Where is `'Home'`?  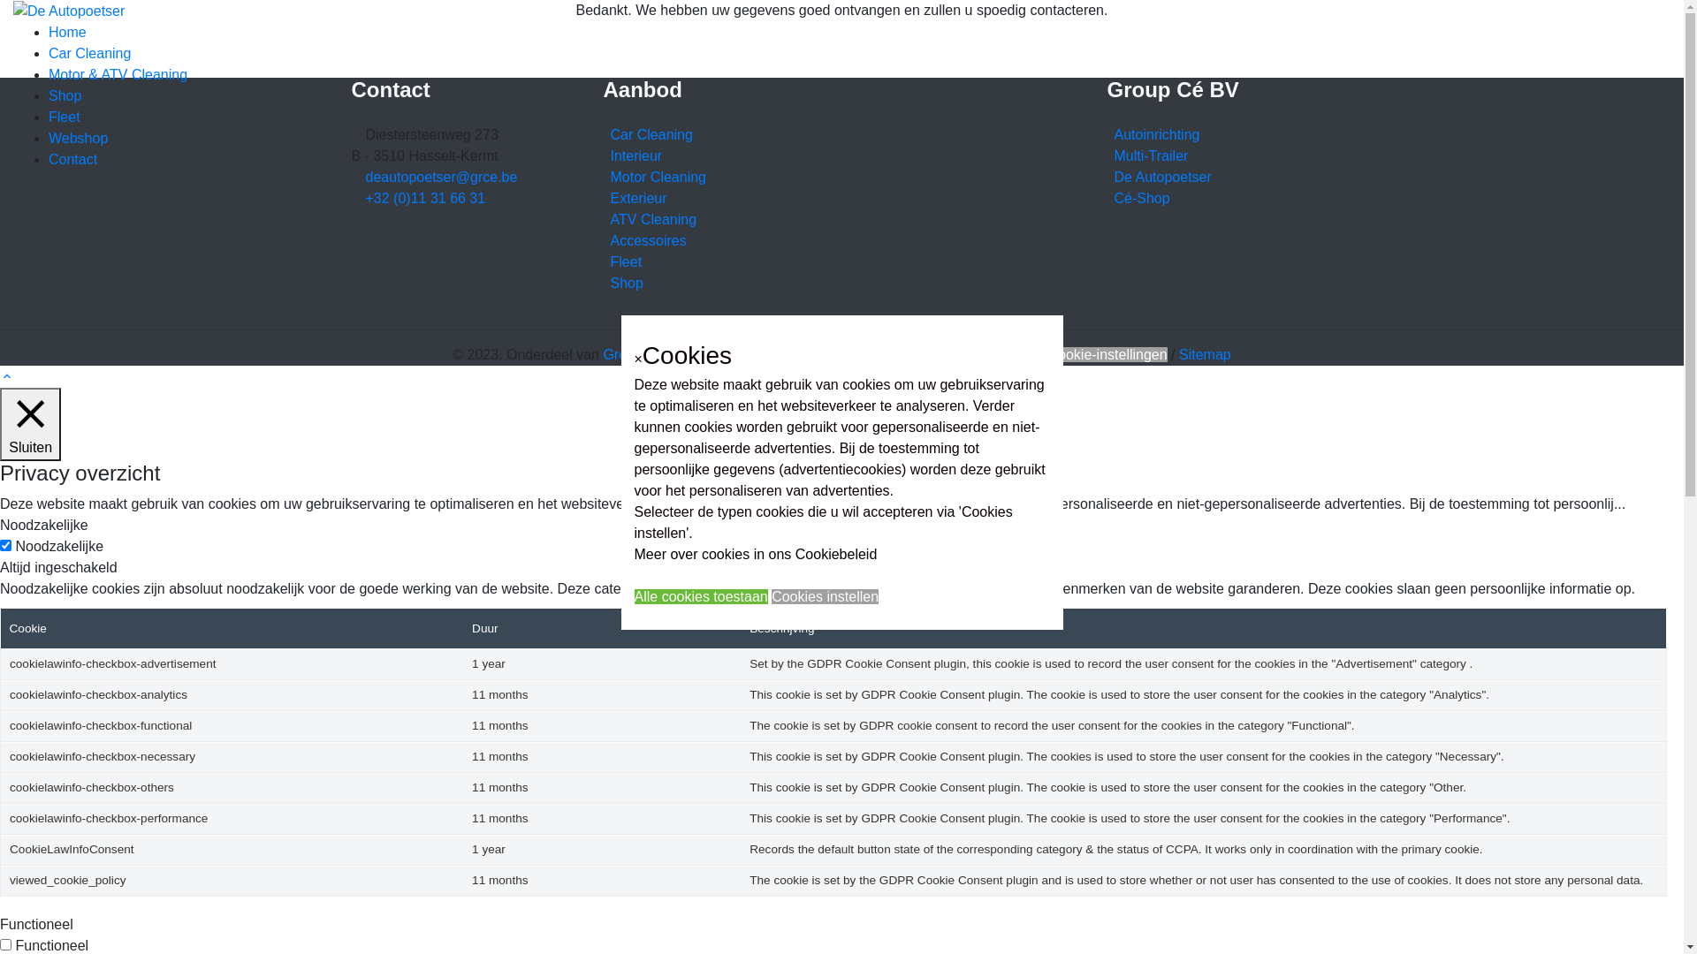 'Home' is located at coordinates (67, 32).